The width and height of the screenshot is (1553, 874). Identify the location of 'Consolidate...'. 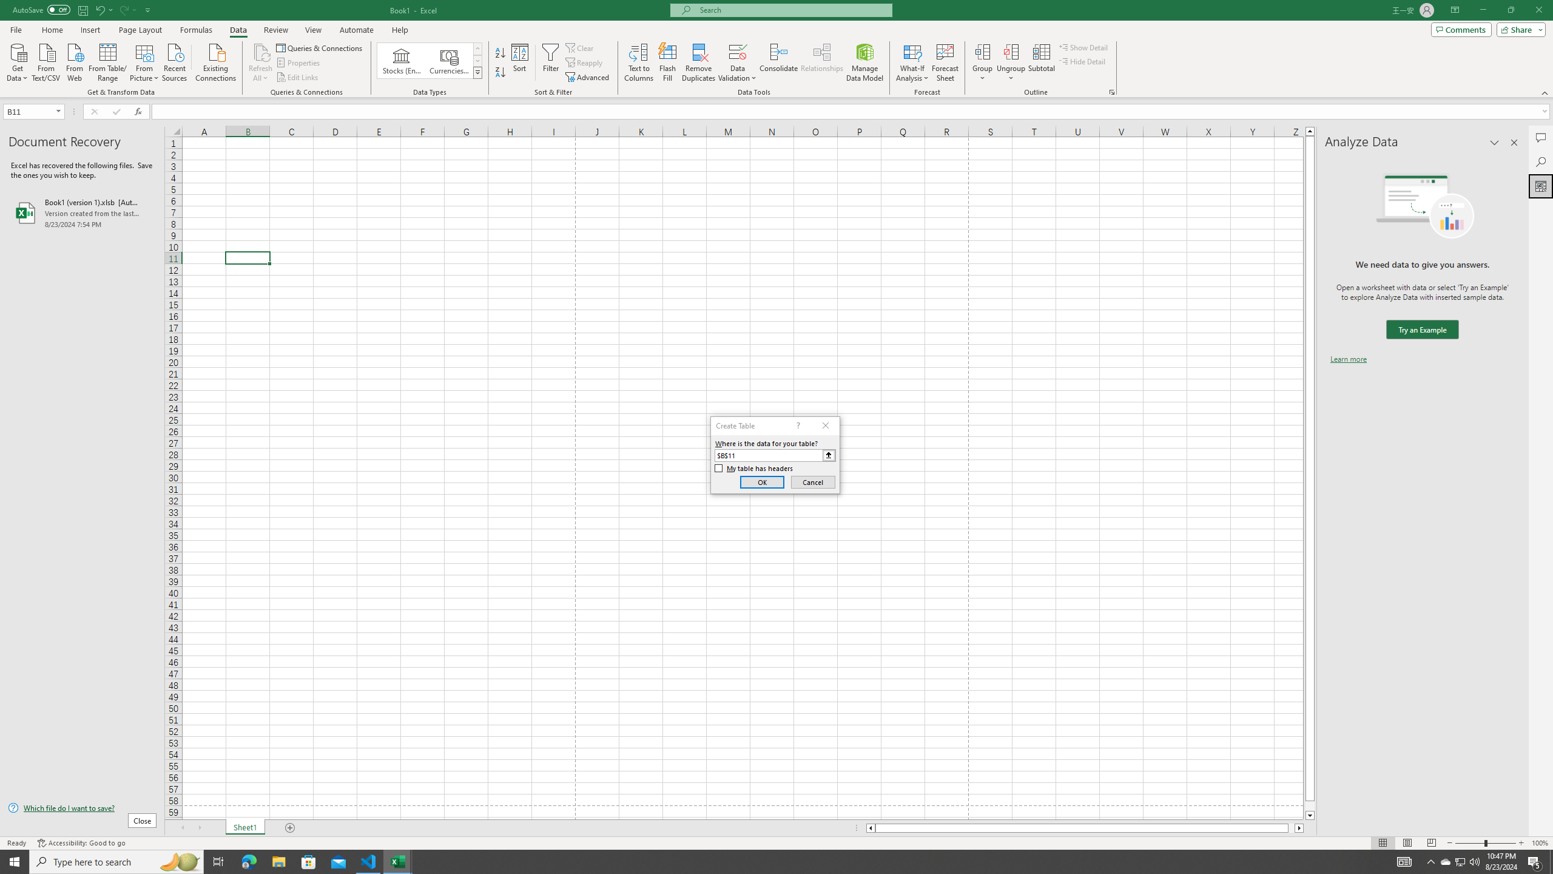
(778, 63).